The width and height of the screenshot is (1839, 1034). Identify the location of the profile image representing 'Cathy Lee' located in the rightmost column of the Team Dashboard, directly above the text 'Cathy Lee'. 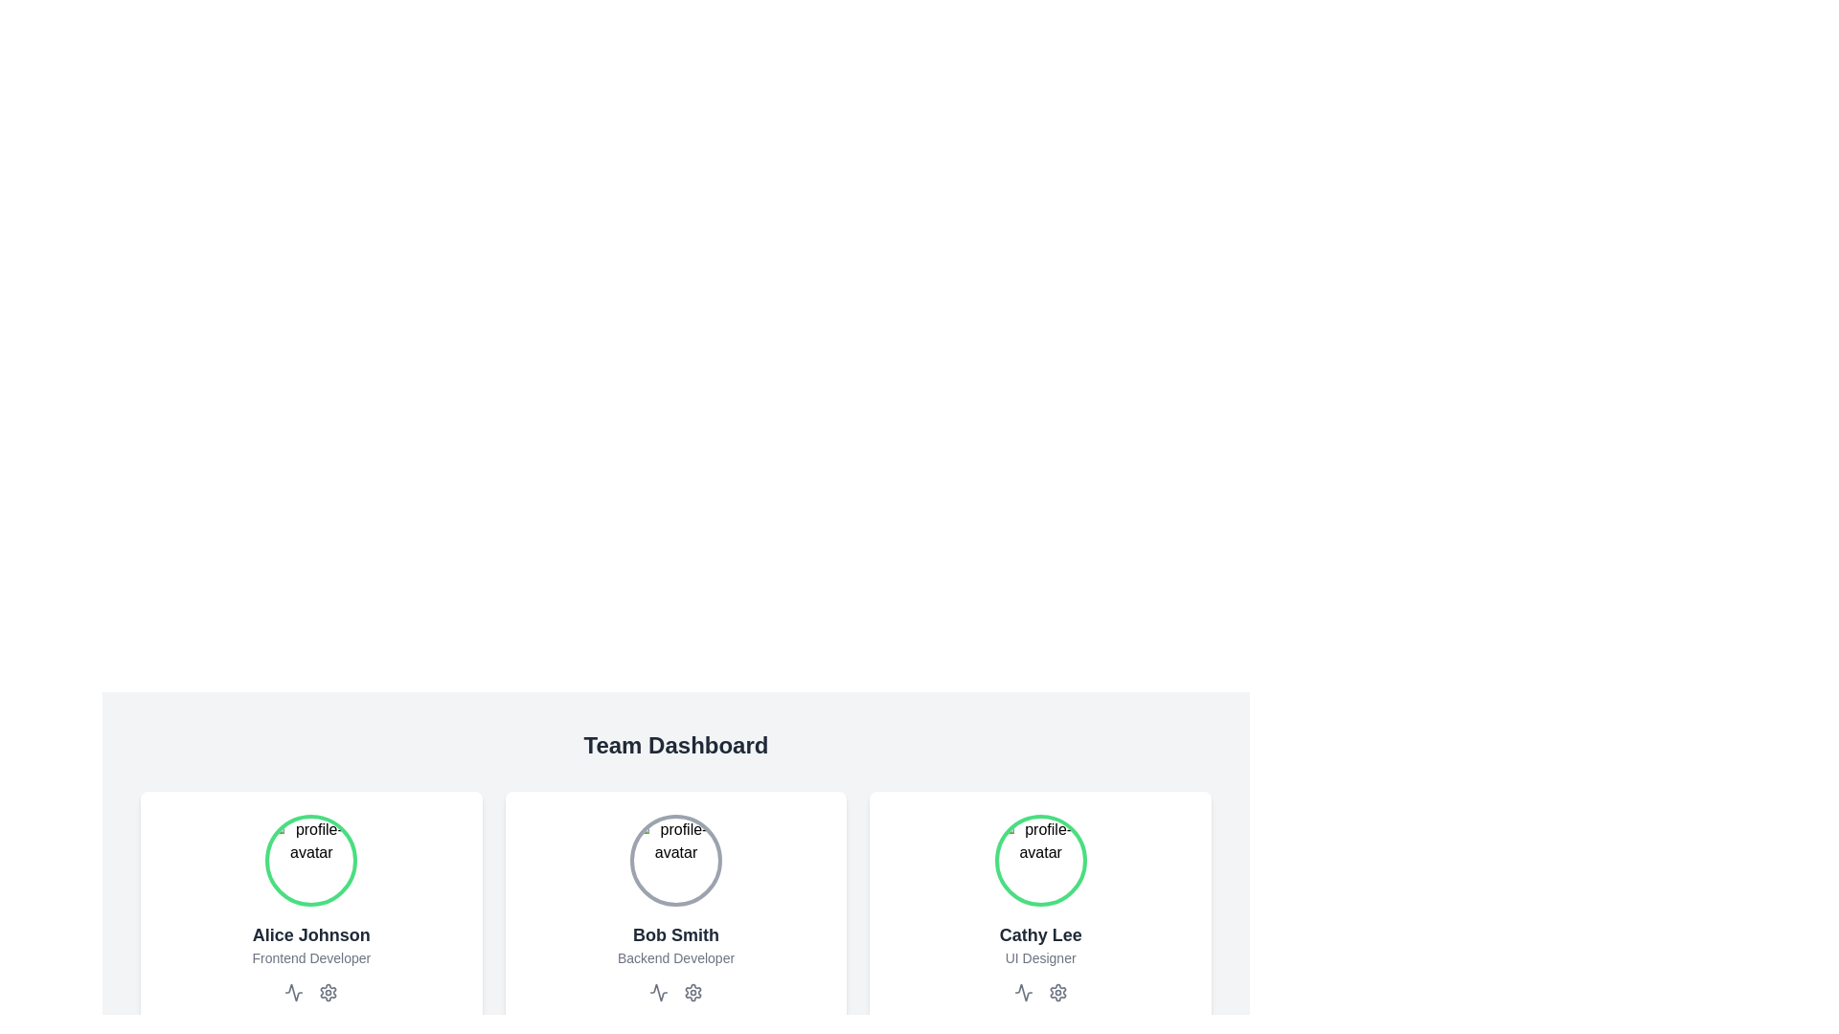
(1039, 859).